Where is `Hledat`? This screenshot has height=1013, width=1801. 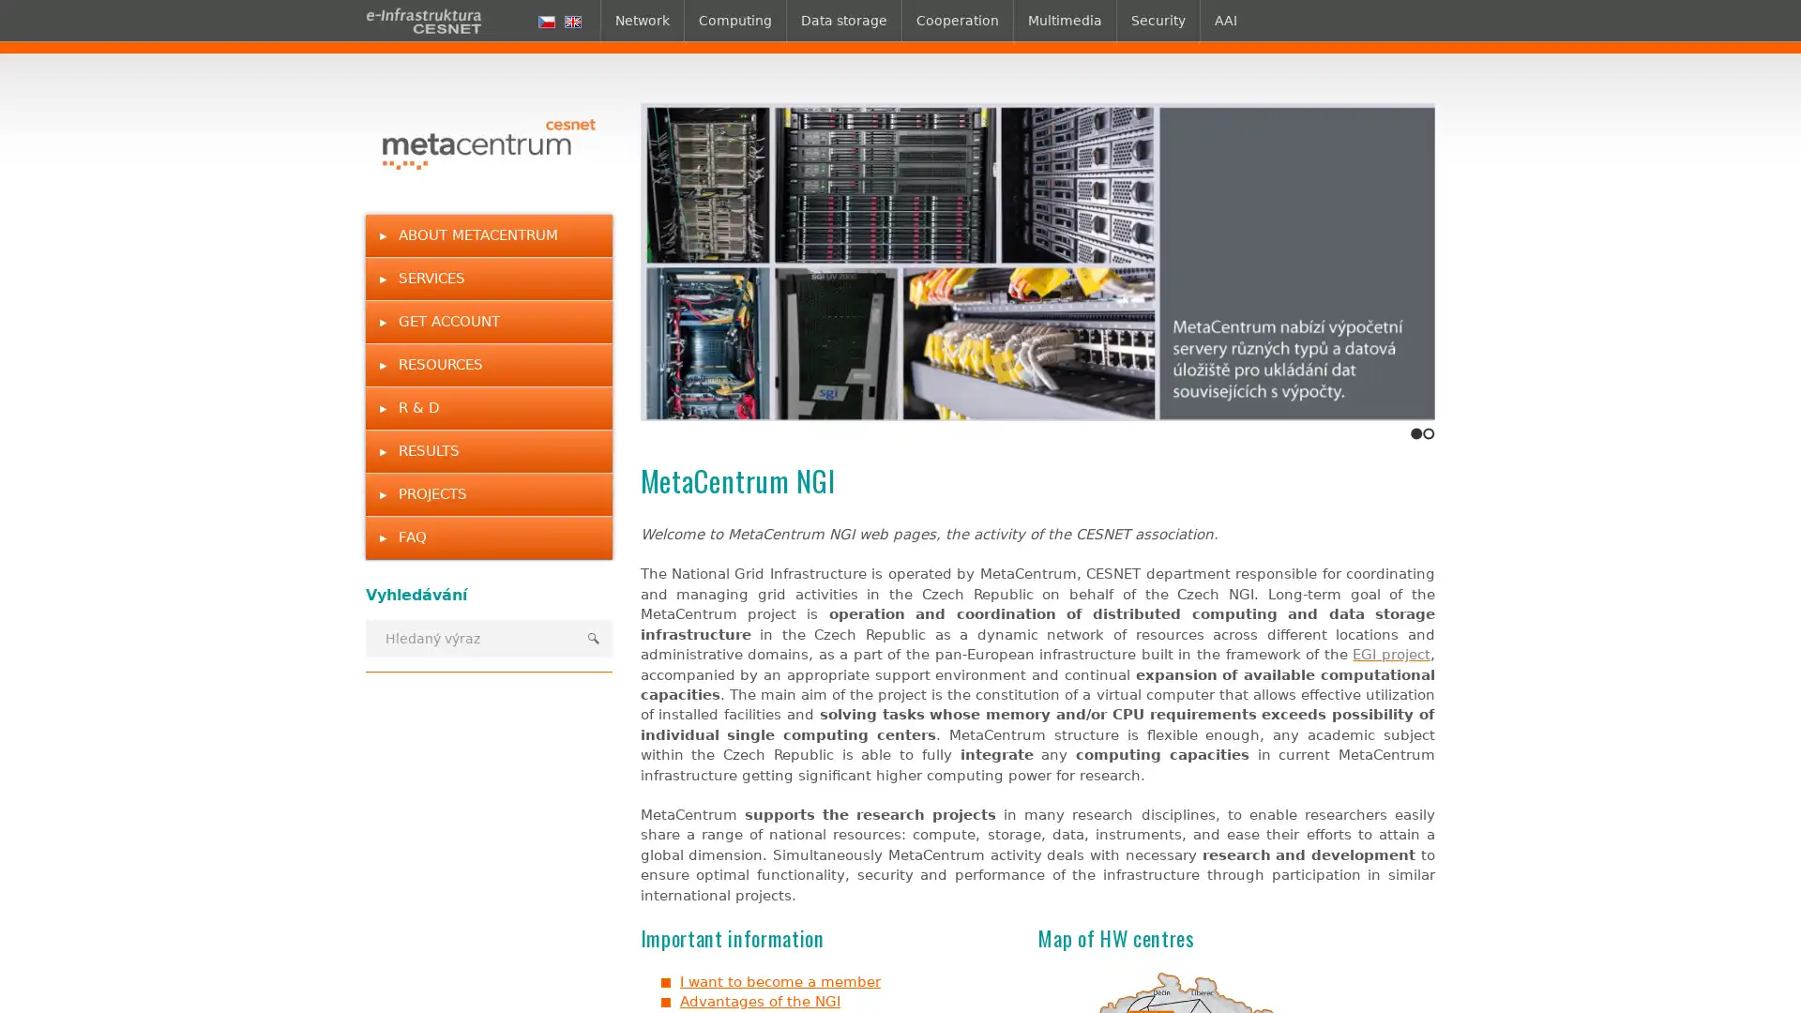 Hledat is located at coordinates (592, 636).